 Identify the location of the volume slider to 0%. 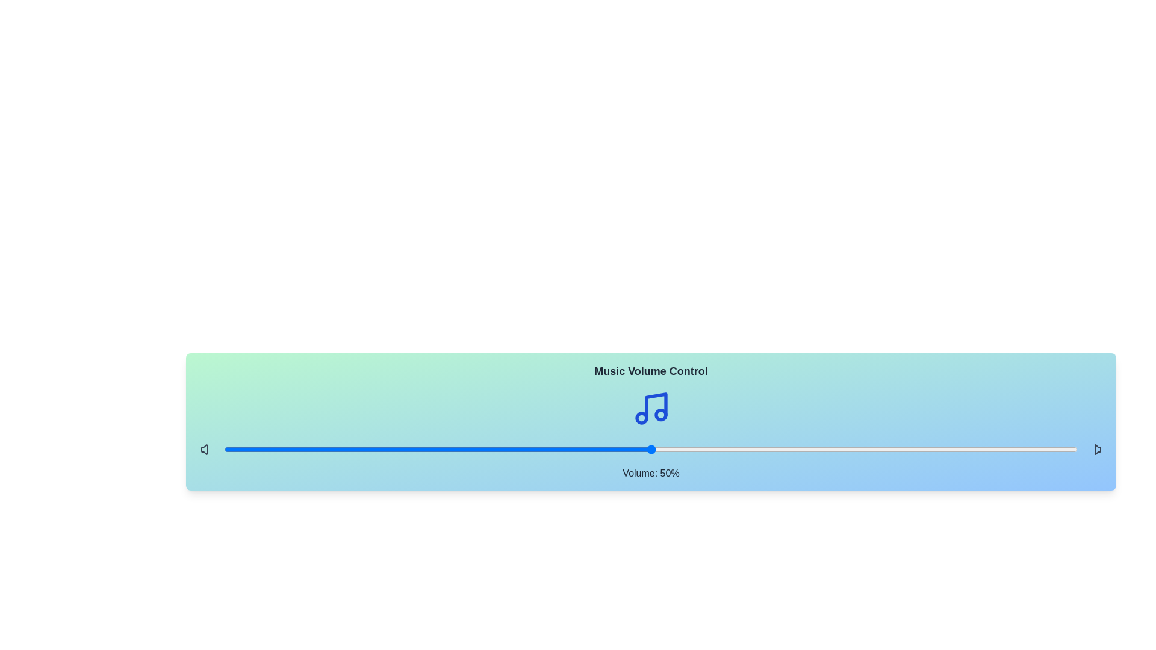
(225, 450).